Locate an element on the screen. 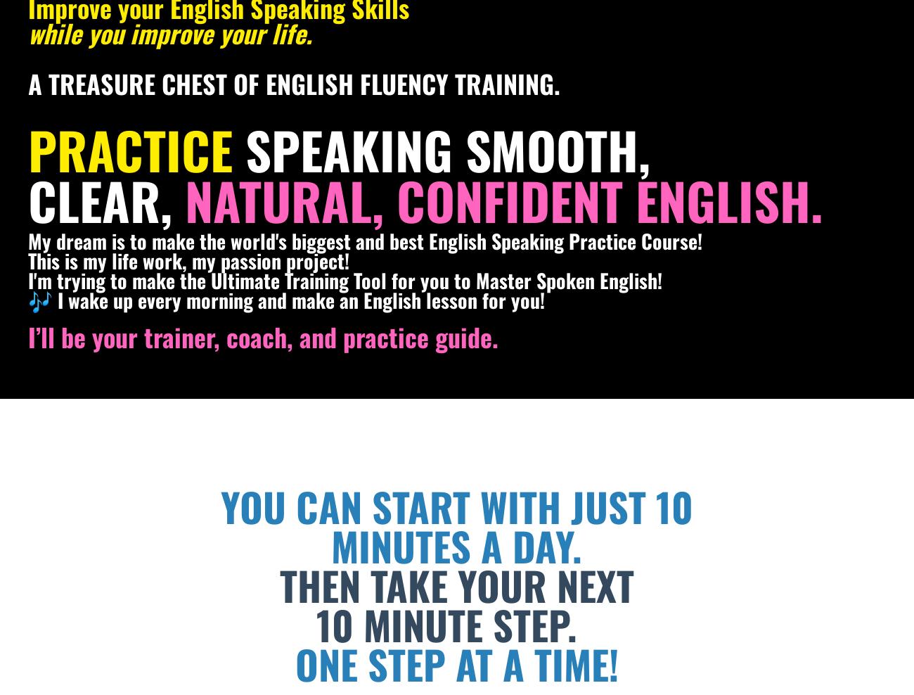 The image size is (914, 695). 'while you improve your life.' is located at coordinates (169, 32).